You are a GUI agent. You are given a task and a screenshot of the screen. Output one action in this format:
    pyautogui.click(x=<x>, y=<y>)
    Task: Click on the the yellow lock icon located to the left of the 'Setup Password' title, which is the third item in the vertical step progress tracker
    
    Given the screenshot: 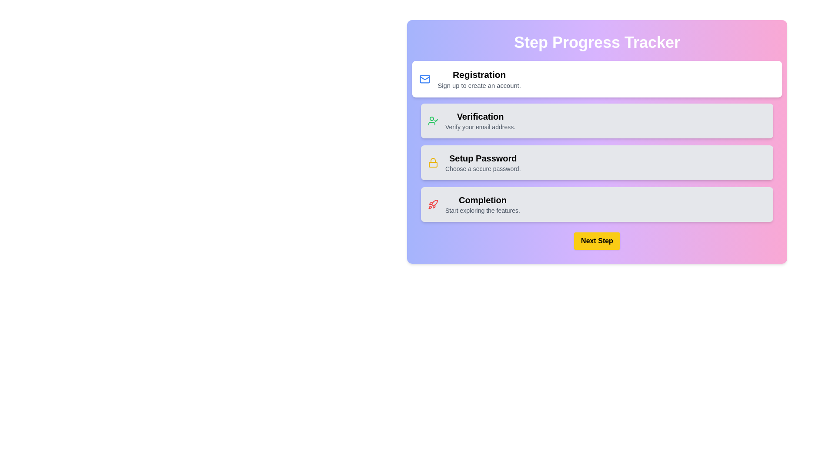 What is the action you would take?
    pyautogui.click(x=433, y=163)
    